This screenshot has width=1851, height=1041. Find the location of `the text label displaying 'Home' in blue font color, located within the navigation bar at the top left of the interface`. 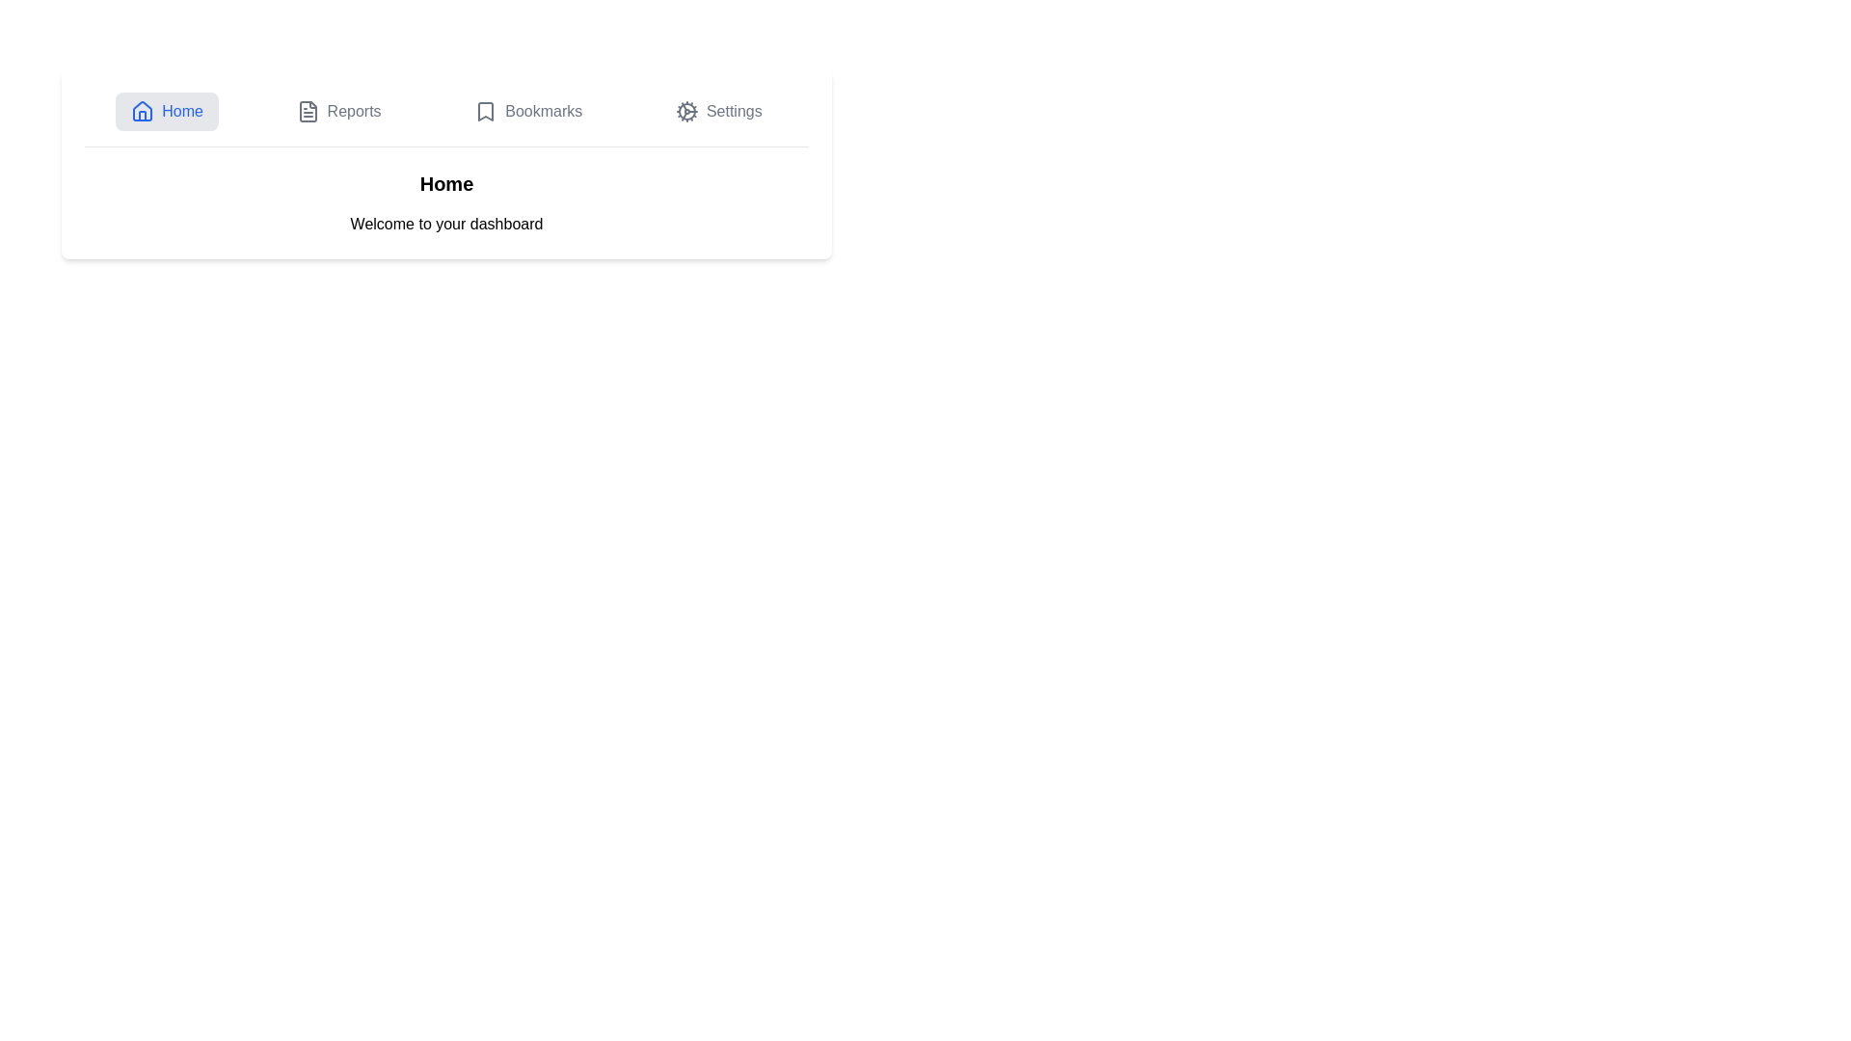

the text label displaying 'Home' in blue font color, located within the navigation bar at the top left of the interface is located at coordinates (182, 111).